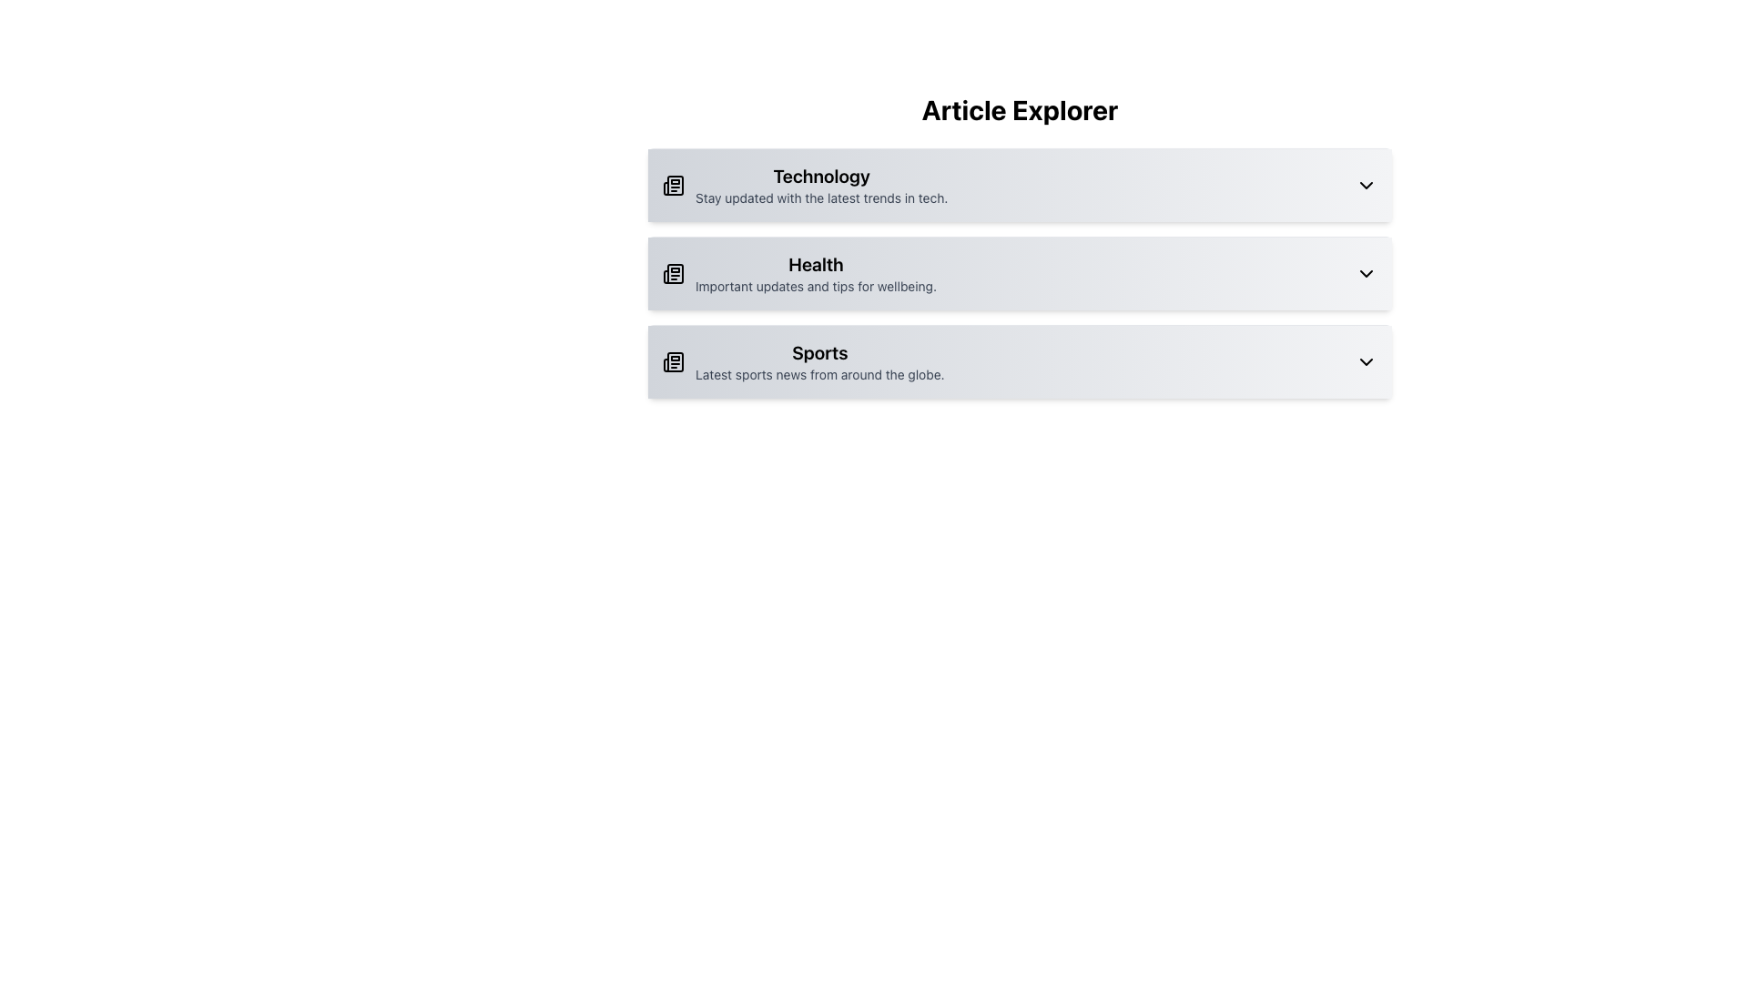  What do you see at coordinates (672, 273) in the screenshot?
I see `the newspaper icon located to the left of the 'Health' section header, which aligns with the text 'Health' and 'Important updates and tips for wellbeing.'` at bounding box center [672, 273].